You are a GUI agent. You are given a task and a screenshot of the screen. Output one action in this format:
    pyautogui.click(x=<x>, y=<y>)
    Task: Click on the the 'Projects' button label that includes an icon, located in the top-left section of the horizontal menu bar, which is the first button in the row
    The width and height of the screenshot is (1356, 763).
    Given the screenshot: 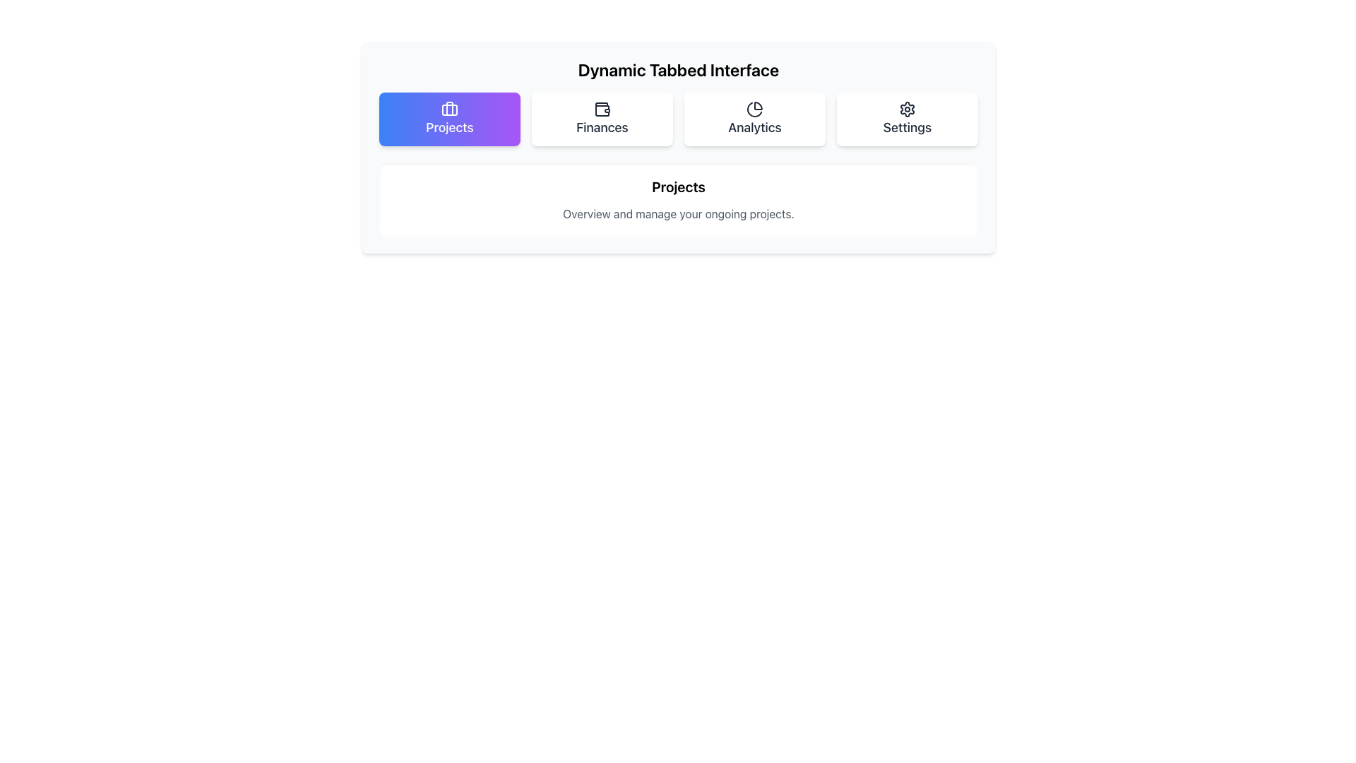 What is the action you would take?
    pyautogui.click(x=449, y=119)
    